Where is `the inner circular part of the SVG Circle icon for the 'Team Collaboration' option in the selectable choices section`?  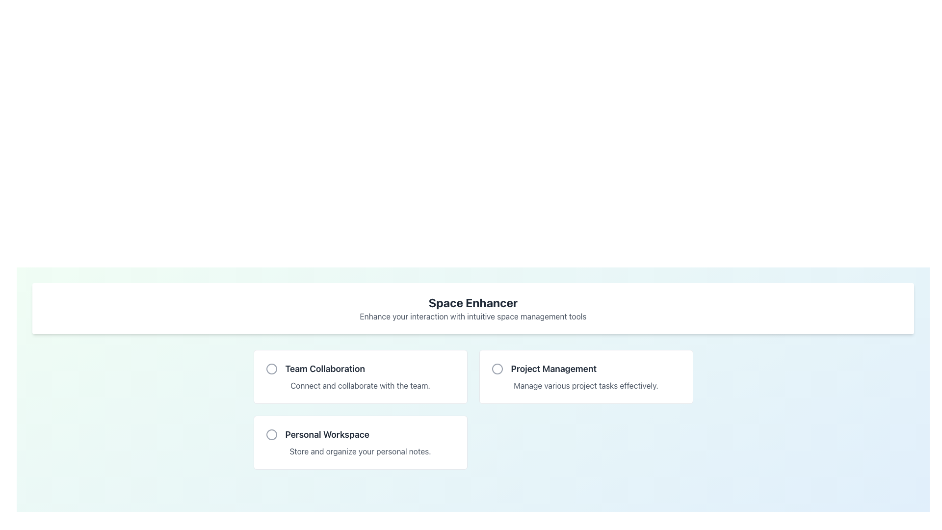
the inner circular part of the SVG Circle icon for the 'Team Collaboration' option in the selectable choices section is located at coordinates (271, 369).